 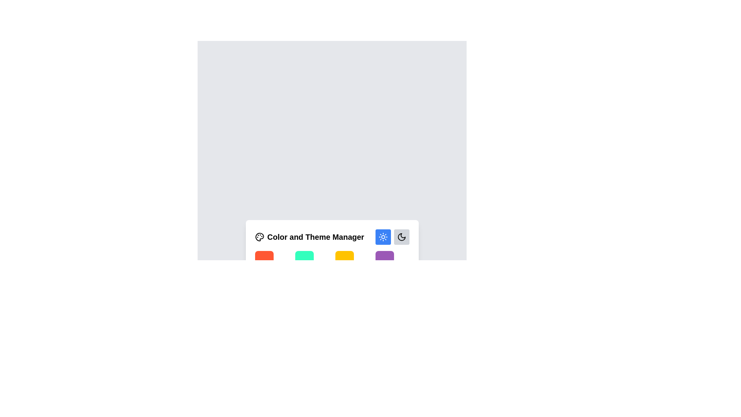 I want to click on the button with a light gray rounded background and a dark crescent moon icon, located at the top-right corner of the panel, so click(x=401, y=236).